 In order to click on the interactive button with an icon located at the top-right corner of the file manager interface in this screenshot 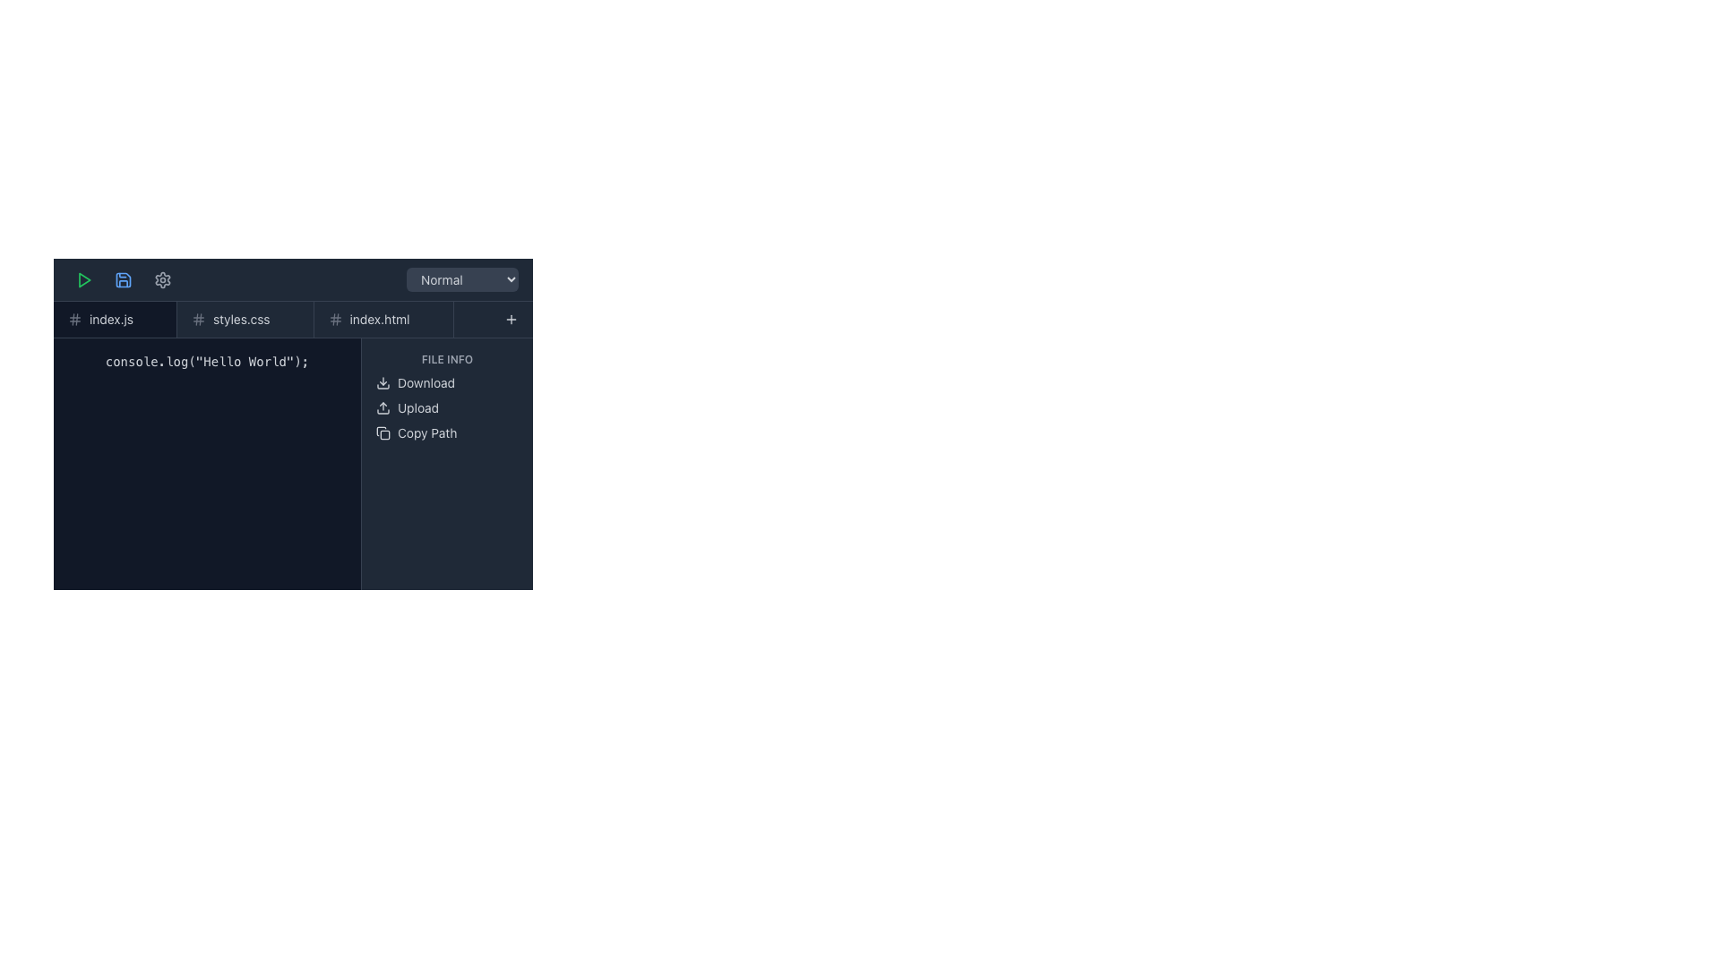, I will do `click(511, 319)`.